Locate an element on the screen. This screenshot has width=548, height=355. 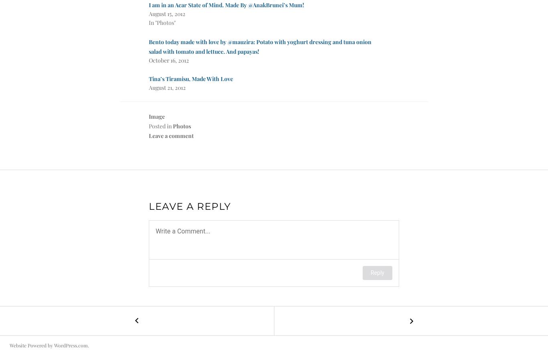
'Posted in' is located at coordinates (160, 126).